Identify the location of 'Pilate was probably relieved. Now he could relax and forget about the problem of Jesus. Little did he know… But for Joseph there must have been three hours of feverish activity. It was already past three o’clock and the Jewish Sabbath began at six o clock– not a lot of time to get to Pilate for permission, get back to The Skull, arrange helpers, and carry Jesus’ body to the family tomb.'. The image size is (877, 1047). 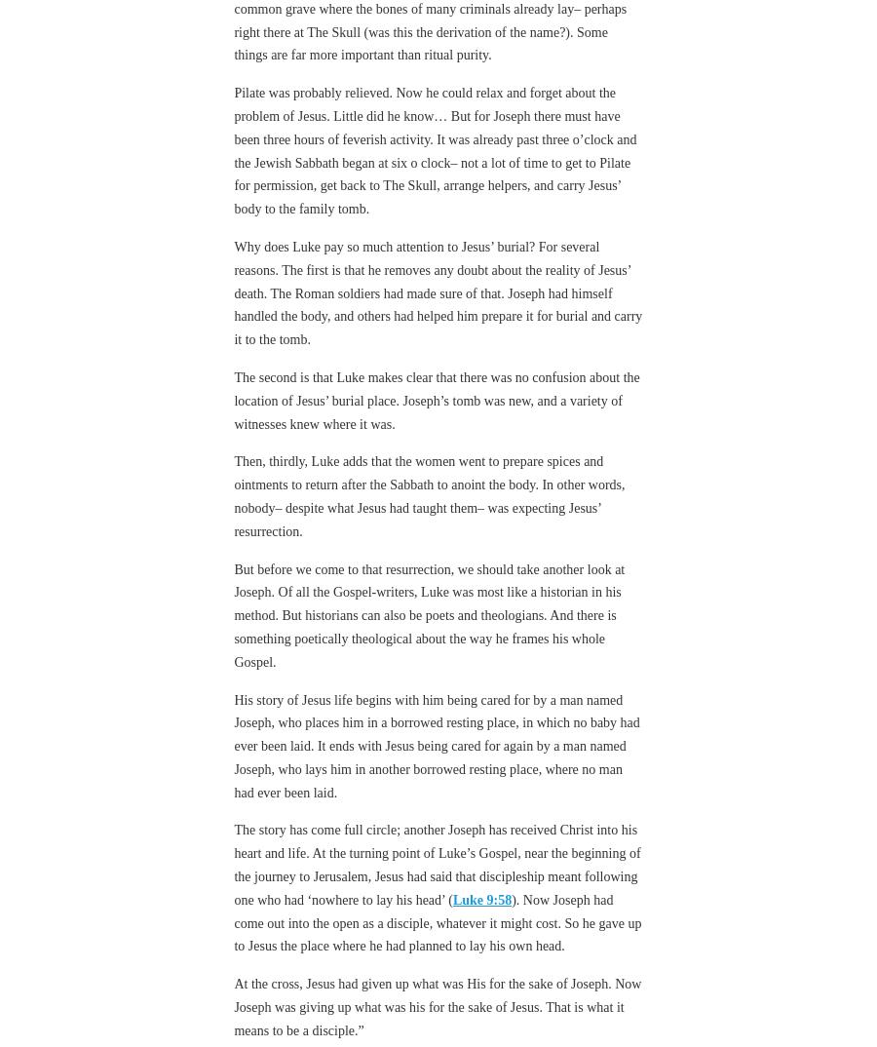
(233, 149).